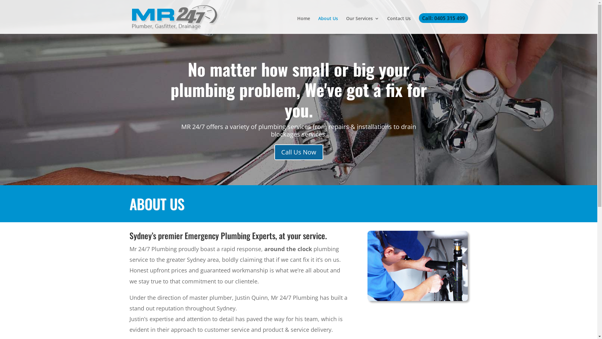 This screenshot has width=602, height=339. Describe the element at coordinates (327, 25) in the screenshot. I see `'About Us'` at that location.